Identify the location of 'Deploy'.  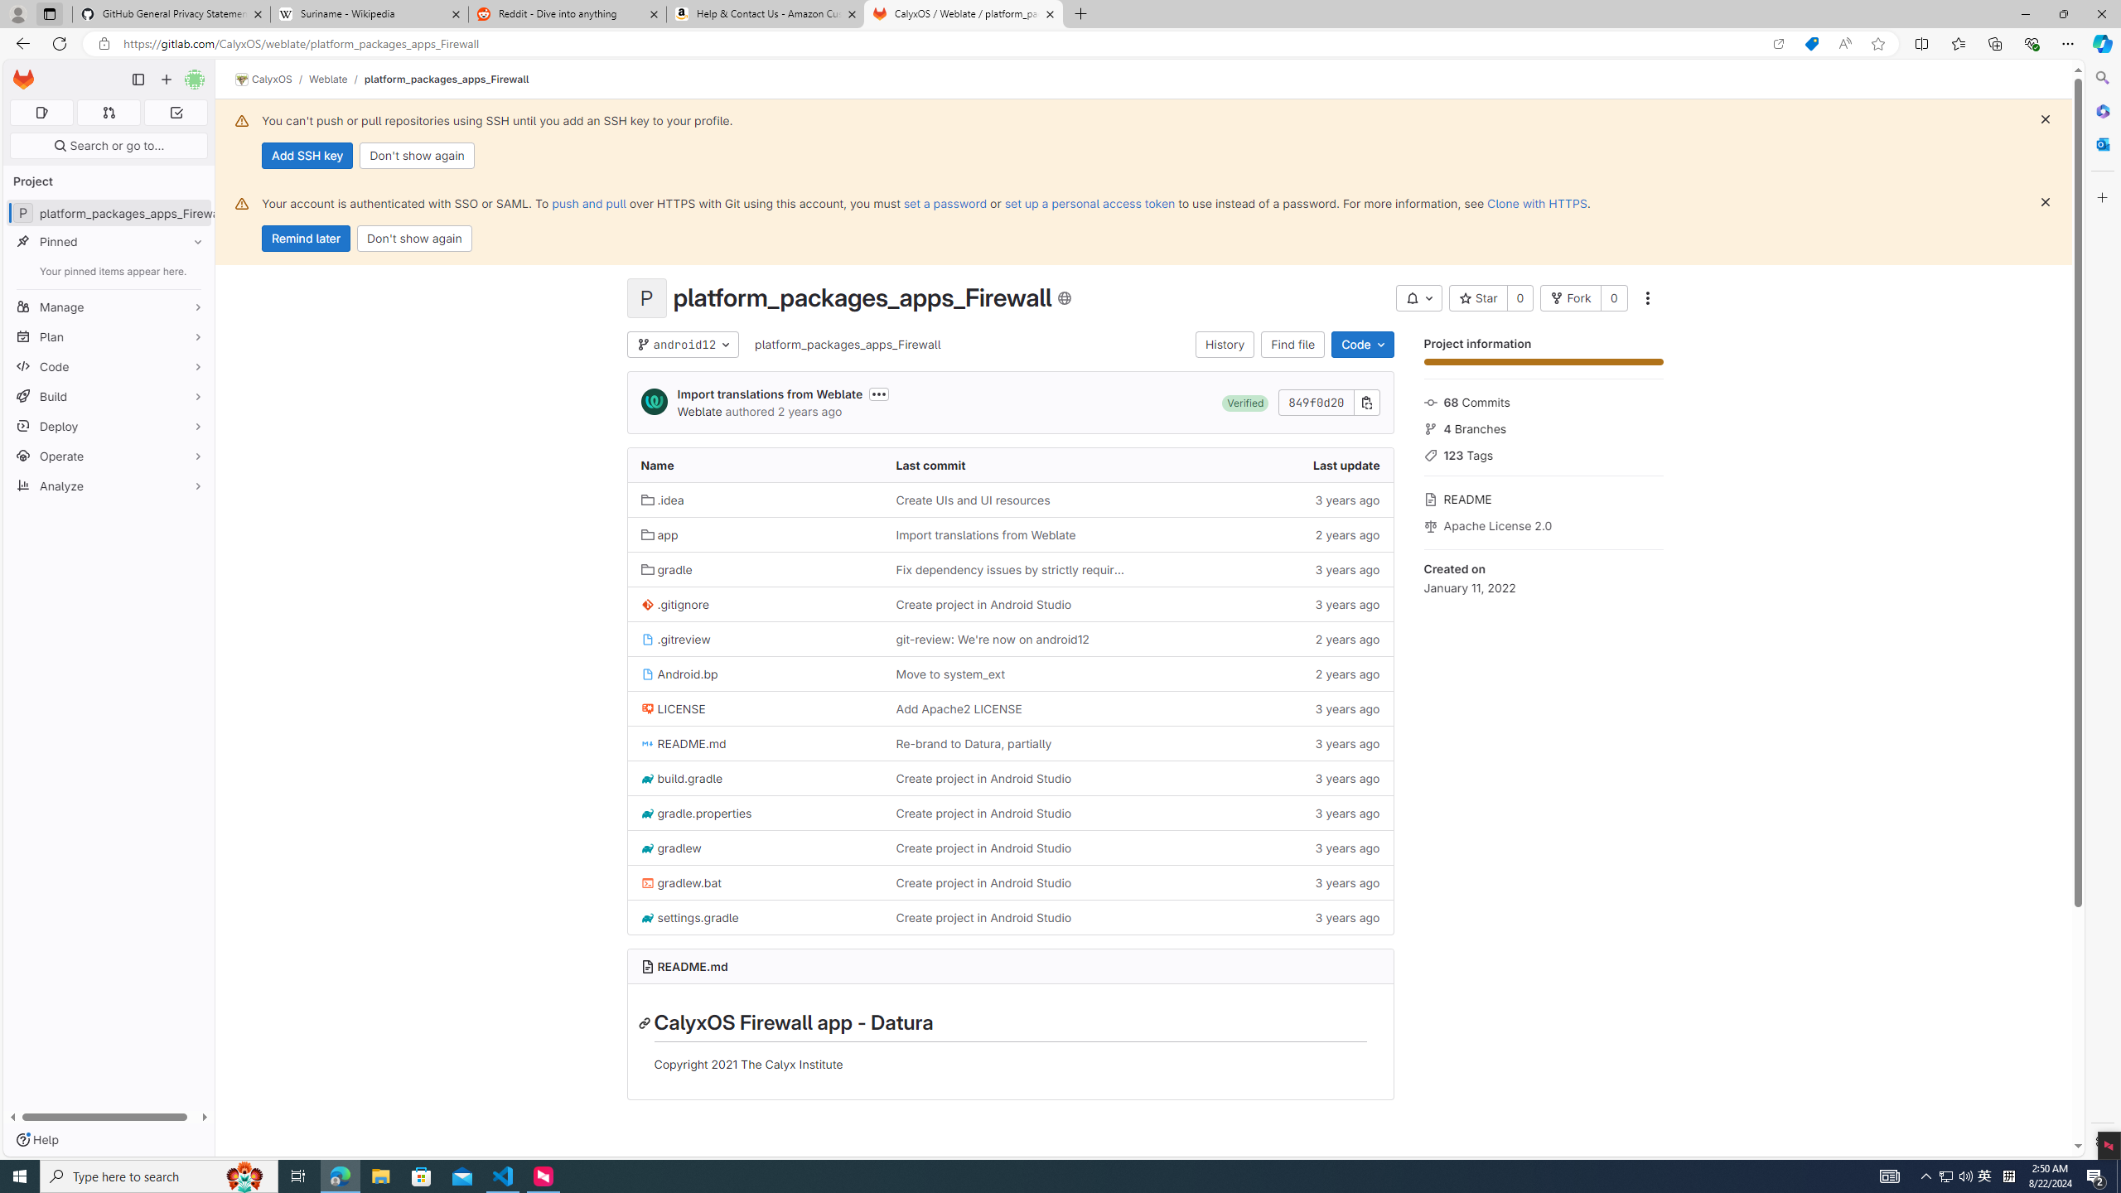
(108, 425).